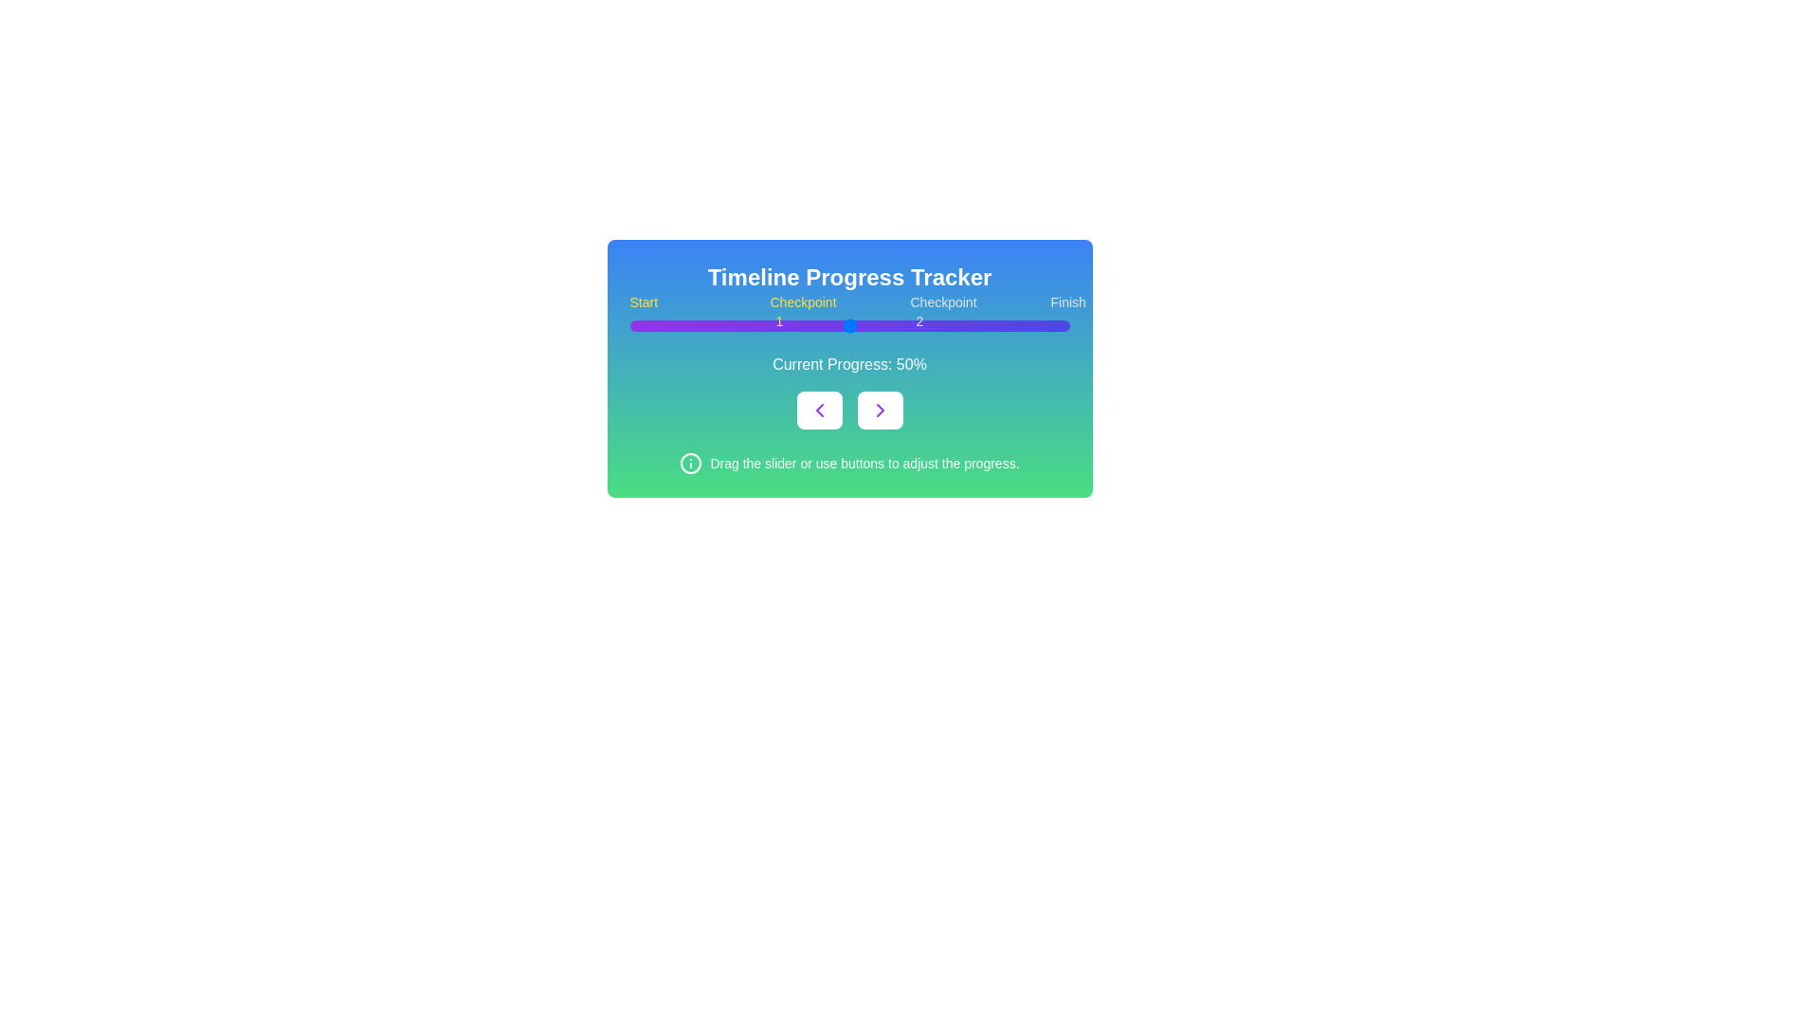  Describe the element at coordinates (879, 409) in the screenshot. I see `the forward navigation button located in the horizontal button group below the progress tracker, which is the second button in the sequence and has a right-pointing chevron` at that location.